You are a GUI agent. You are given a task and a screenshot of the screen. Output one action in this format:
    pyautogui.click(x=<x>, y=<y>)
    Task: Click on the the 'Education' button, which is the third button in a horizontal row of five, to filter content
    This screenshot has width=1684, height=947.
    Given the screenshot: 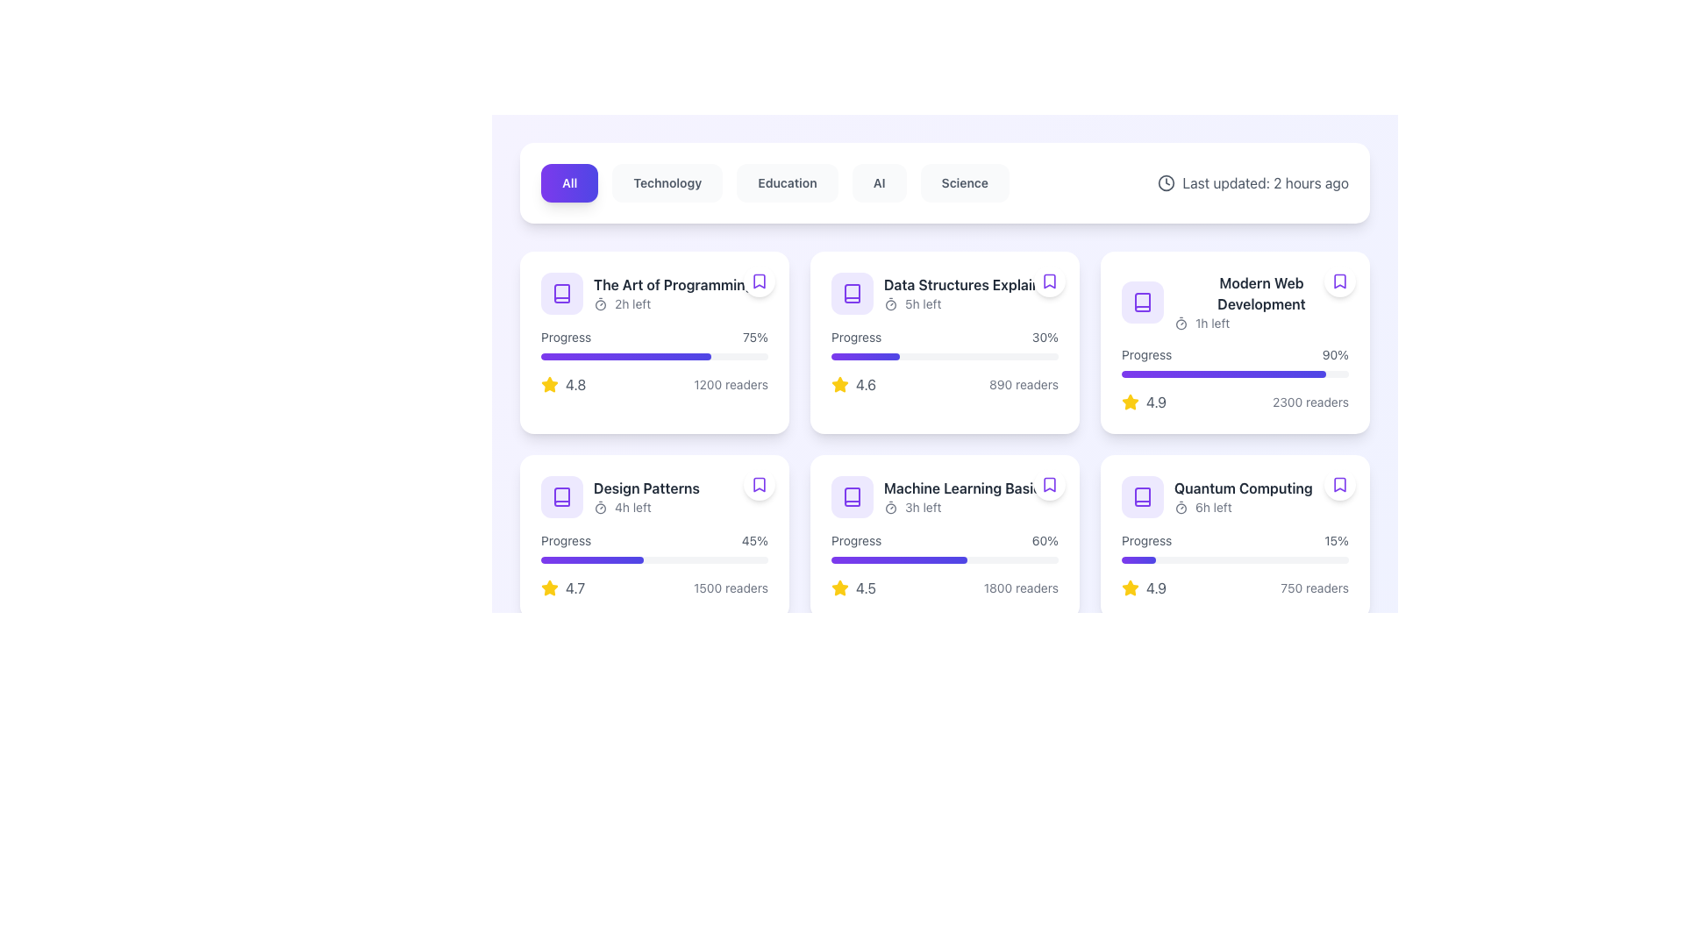 What is the action you would take?
    pyautogui.click(x=786, y=182)
    